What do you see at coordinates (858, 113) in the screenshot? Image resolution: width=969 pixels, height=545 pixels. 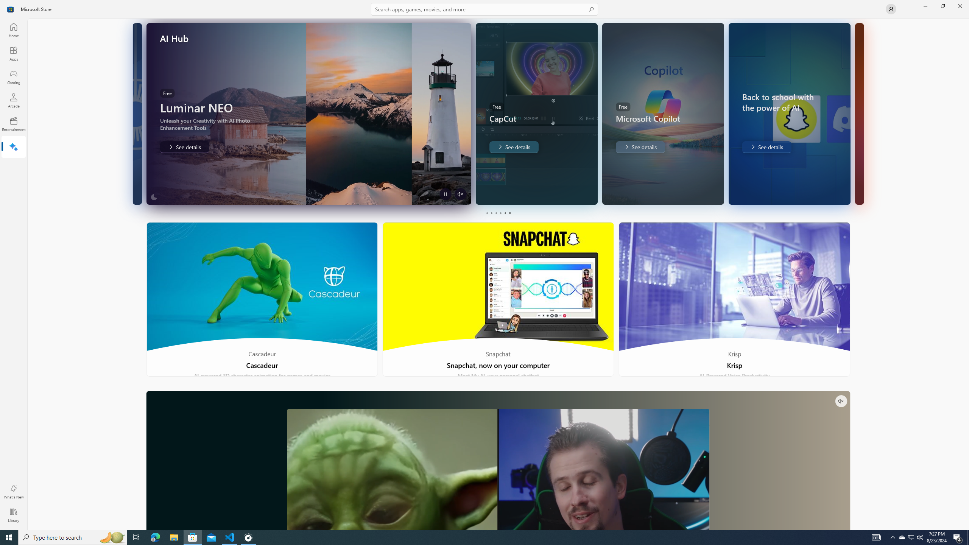 I see `'AutomationID: Image'` at bounding box center [858, 113].